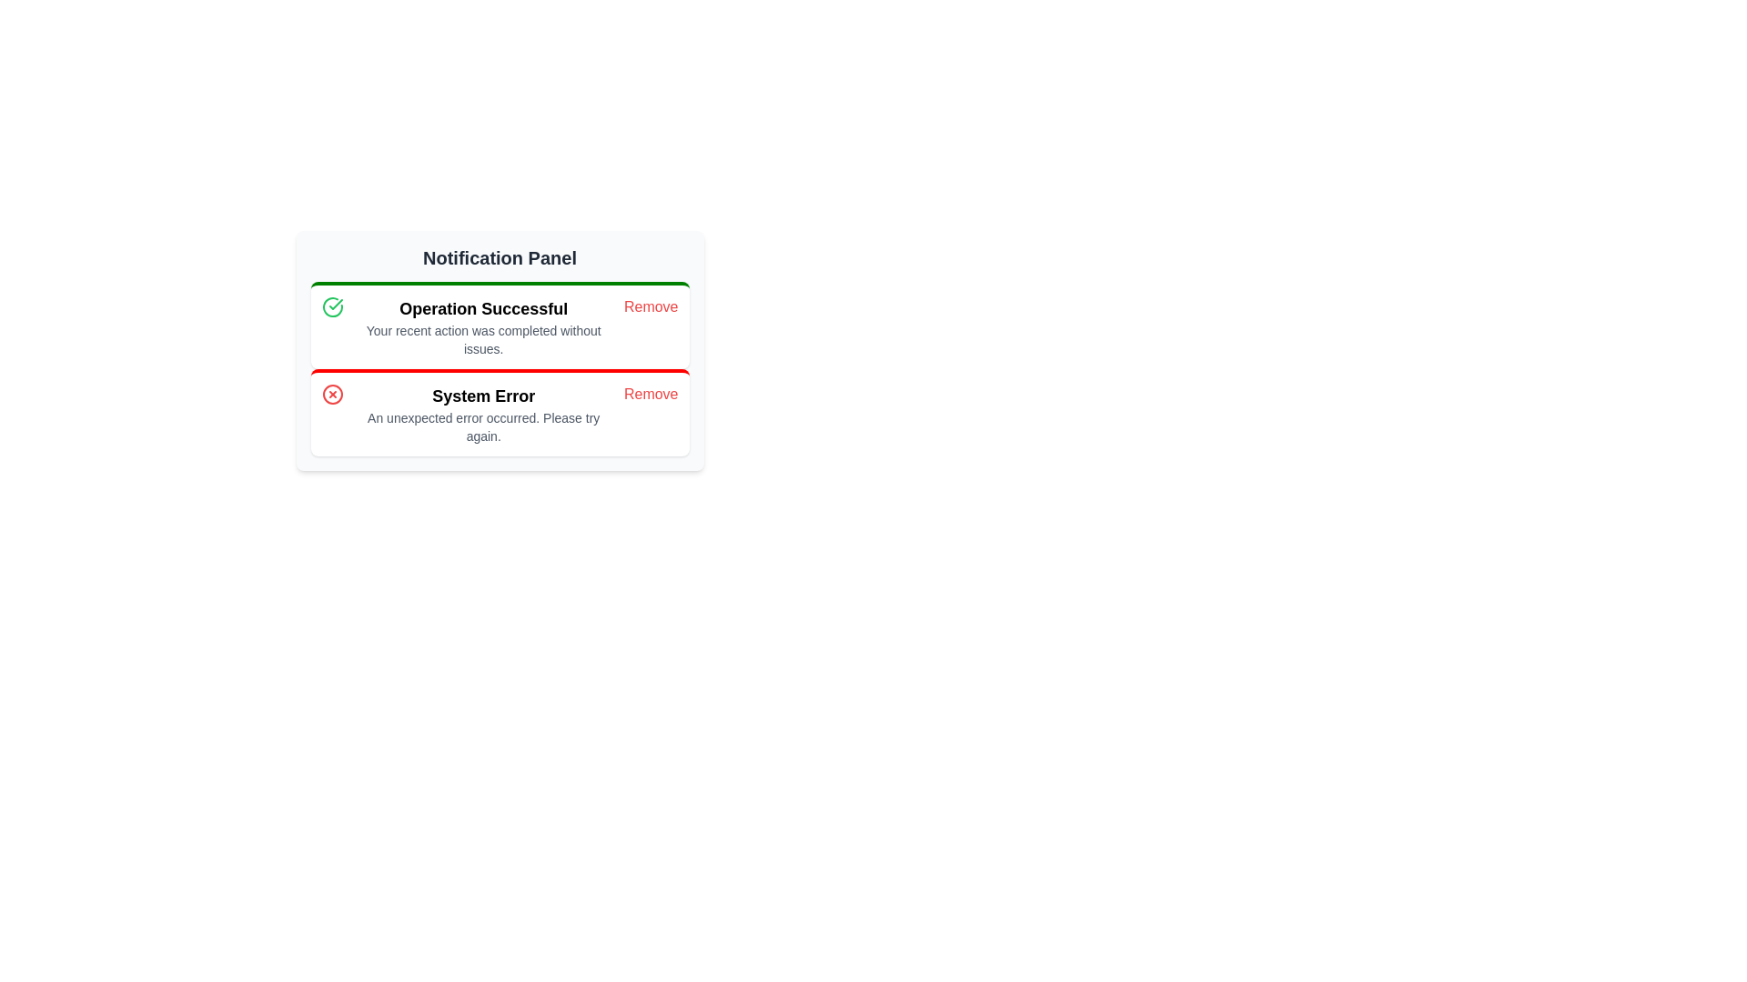  What do you see at coordinates (332, 306) in the screenshot?
I see `the circular icon with a green outline and a check mark symbol, located to the left of the 'Operation Successful' notice box` at bounding box center [332, 306].